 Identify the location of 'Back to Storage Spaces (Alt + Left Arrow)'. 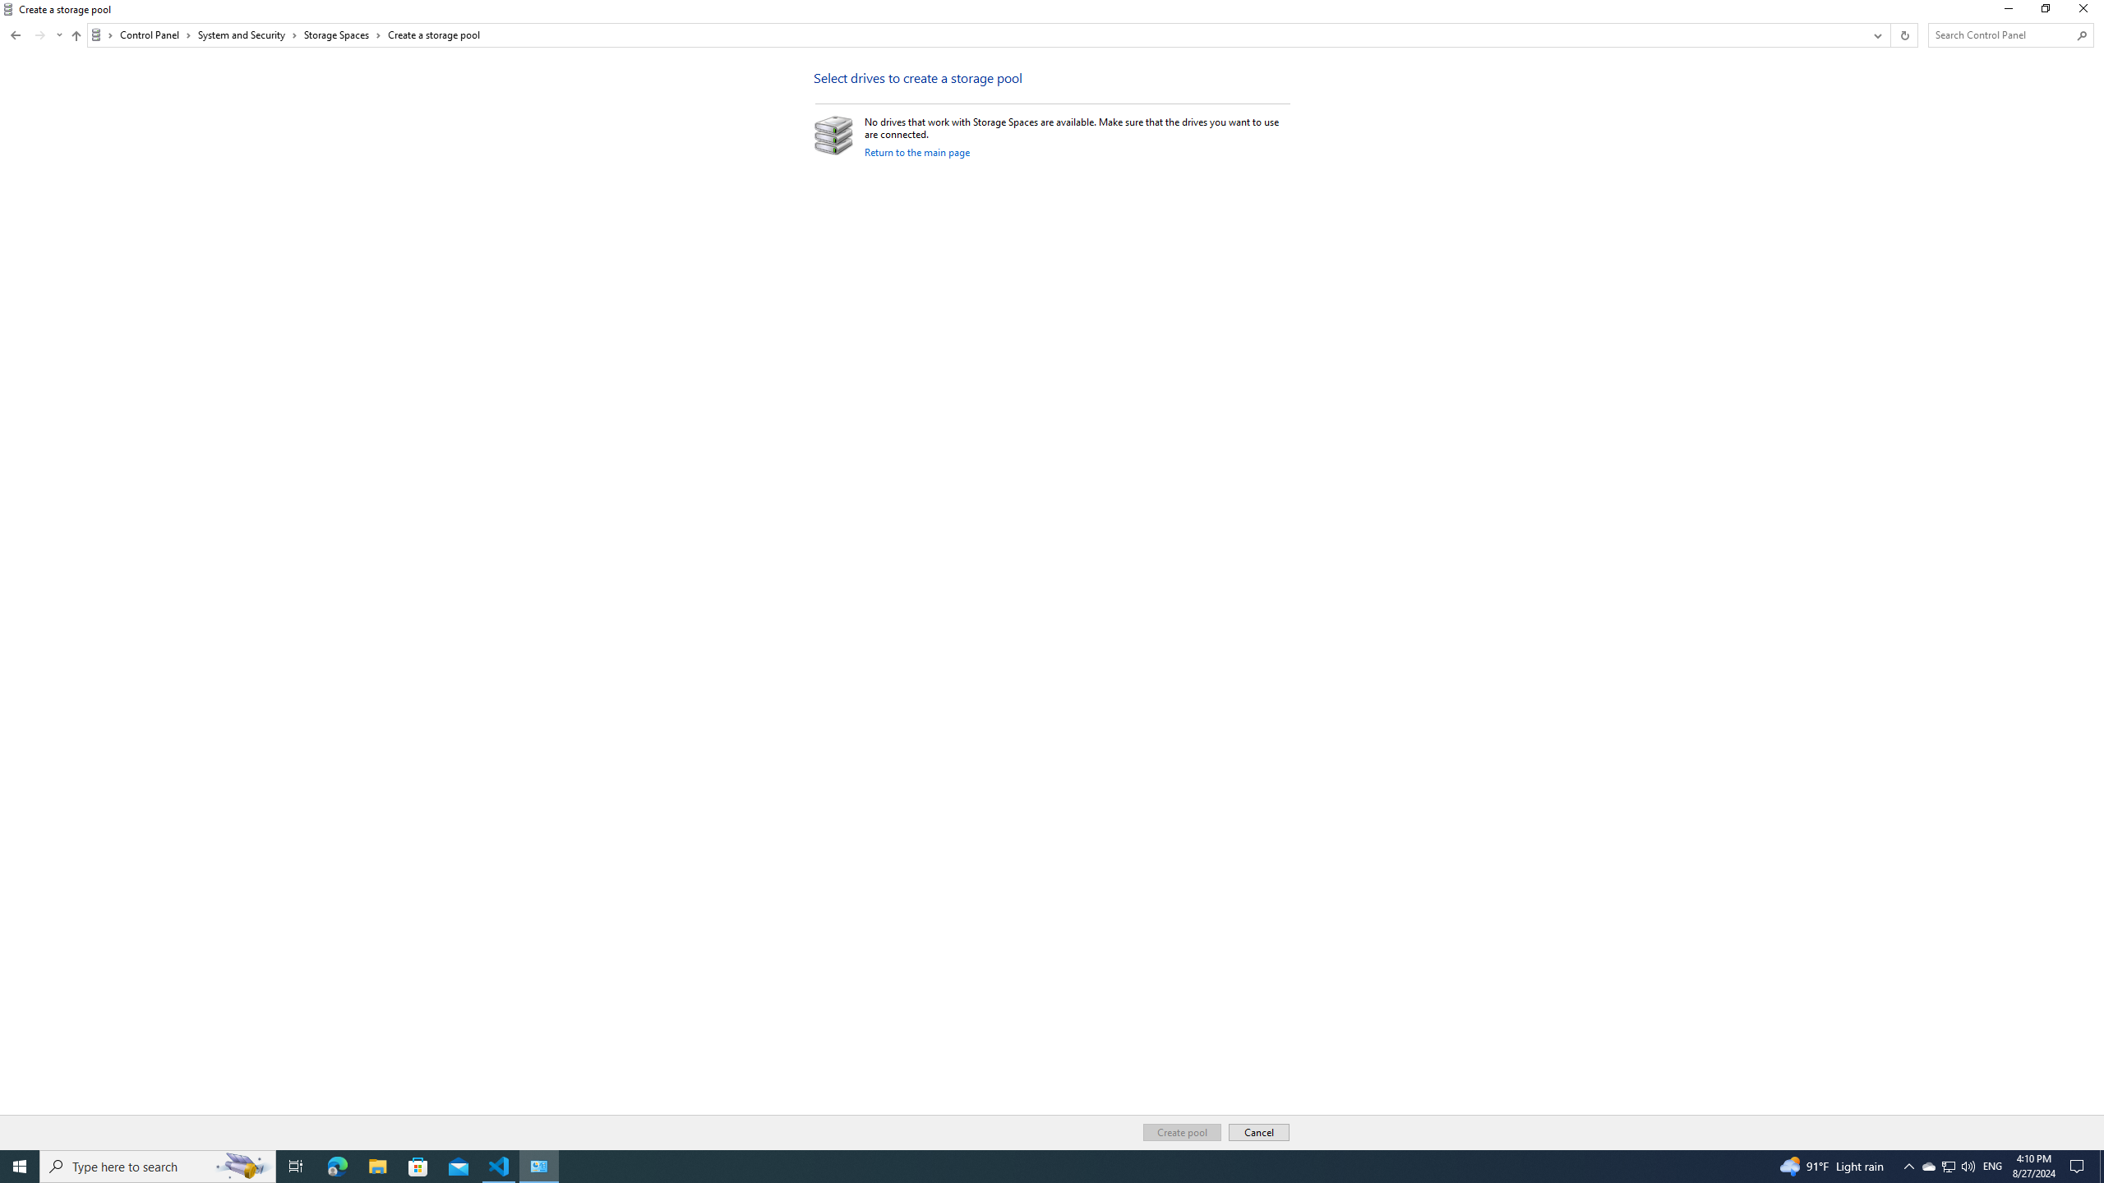
(16, 35).